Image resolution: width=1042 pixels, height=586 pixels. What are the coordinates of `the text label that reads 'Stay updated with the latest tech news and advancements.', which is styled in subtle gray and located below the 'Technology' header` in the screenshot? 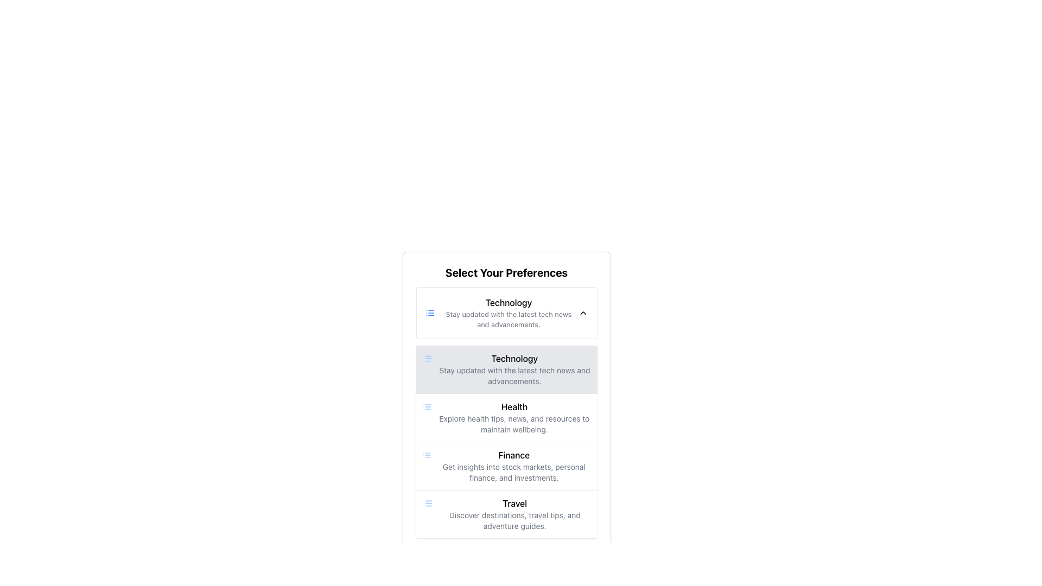 It's located at (508, 319).